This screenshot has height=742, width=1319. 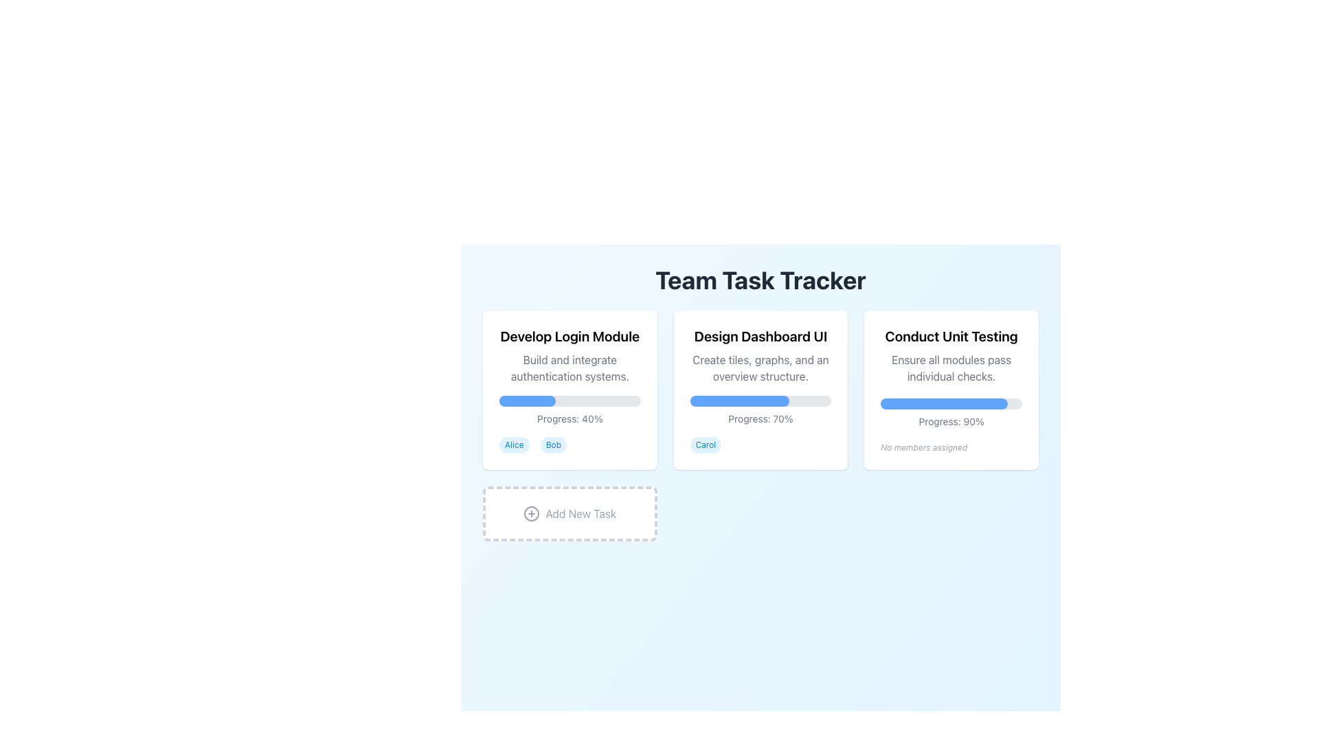 What do you see at coordinates (527, 401) in the screenshot?
I see `the displayed progress level of the blue progress bar within the 'Develop Login Module' card, positioned below the subtitle text and above the 'Progress: 40%' text` at bounding box center [527, 401].